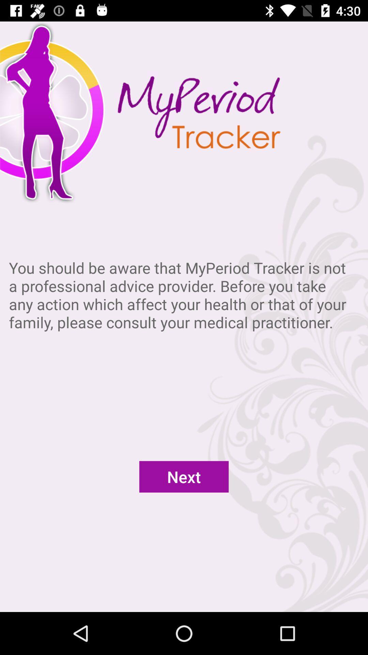 This screenshot has height=655, width=368. What do you see at coordinates (184, 476) in the screenshot?
I see `next` at bounding box center [184, 476].